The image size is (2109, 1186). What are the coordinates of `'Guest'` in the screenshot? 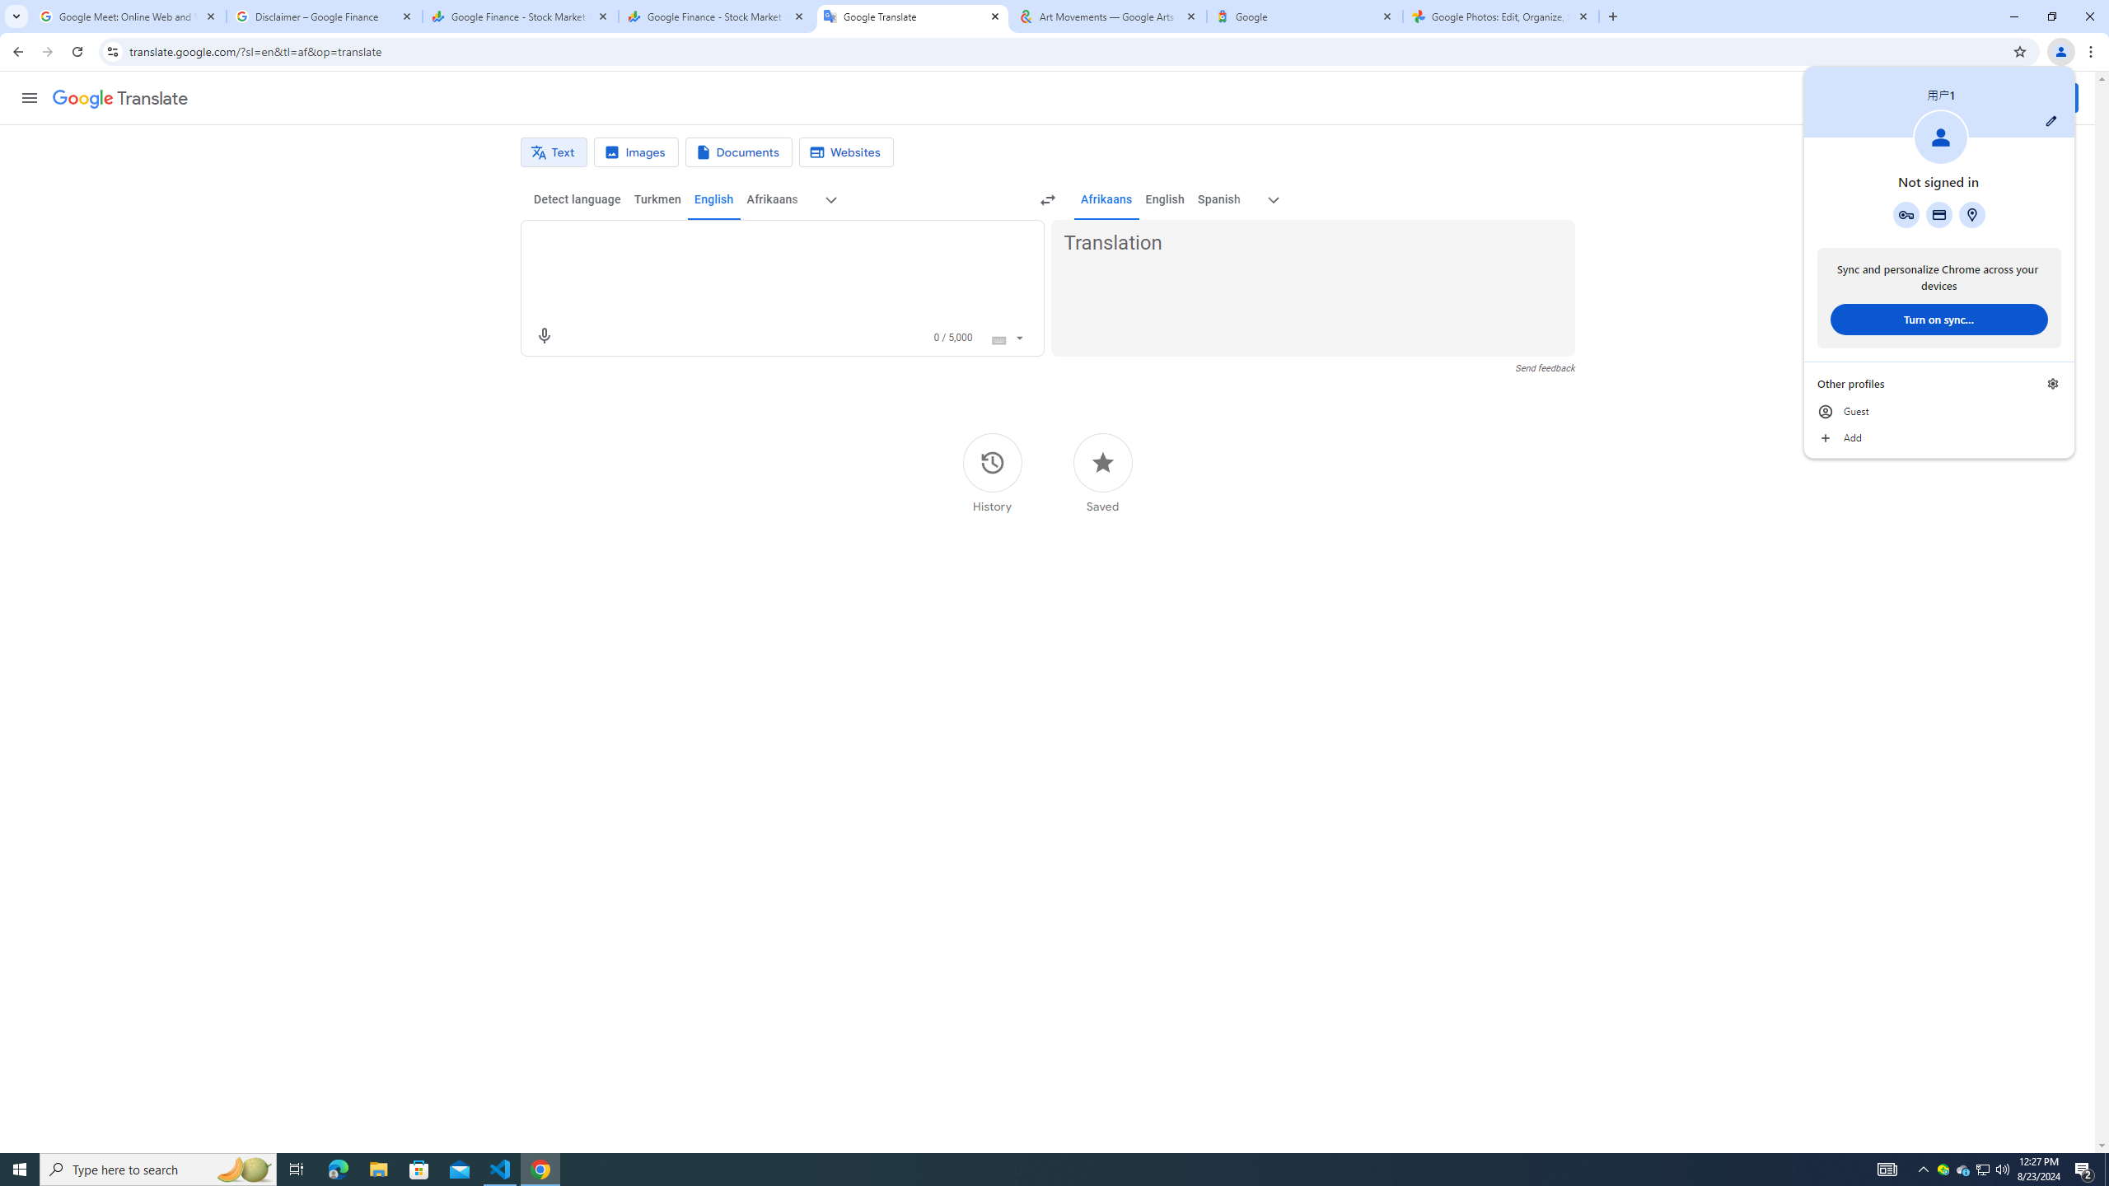 It's located at (1938, 410).